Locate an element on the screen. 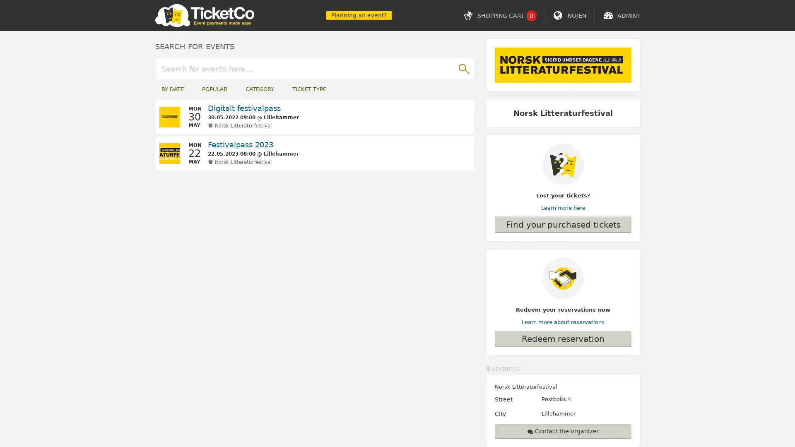  Redeem reservation is located at coordinates (563, 338).